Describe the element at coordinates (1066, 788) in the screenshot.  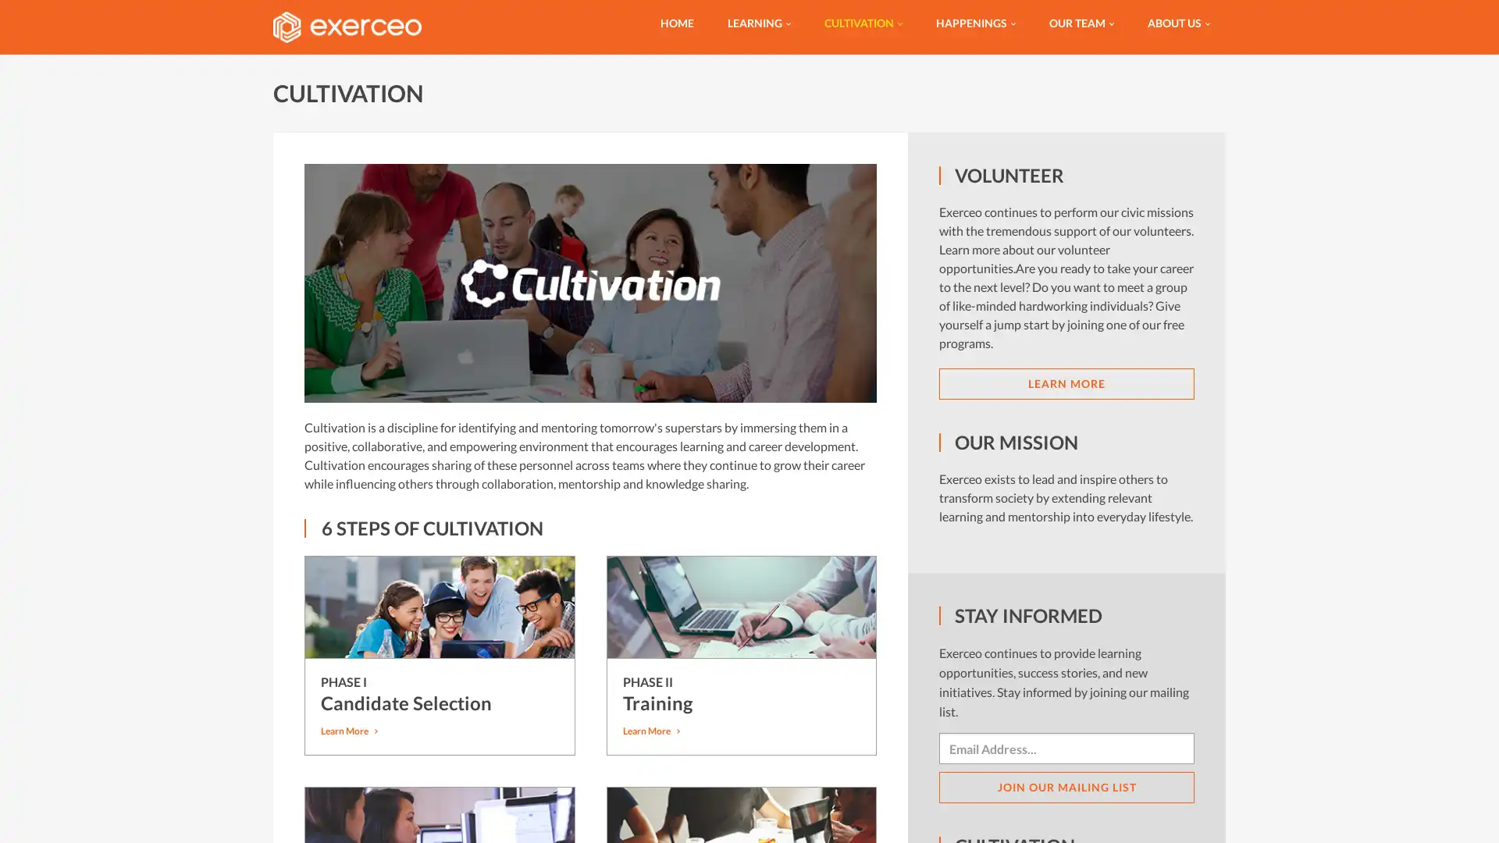
I see `JOIN OUR MAILING LIST` at that location.